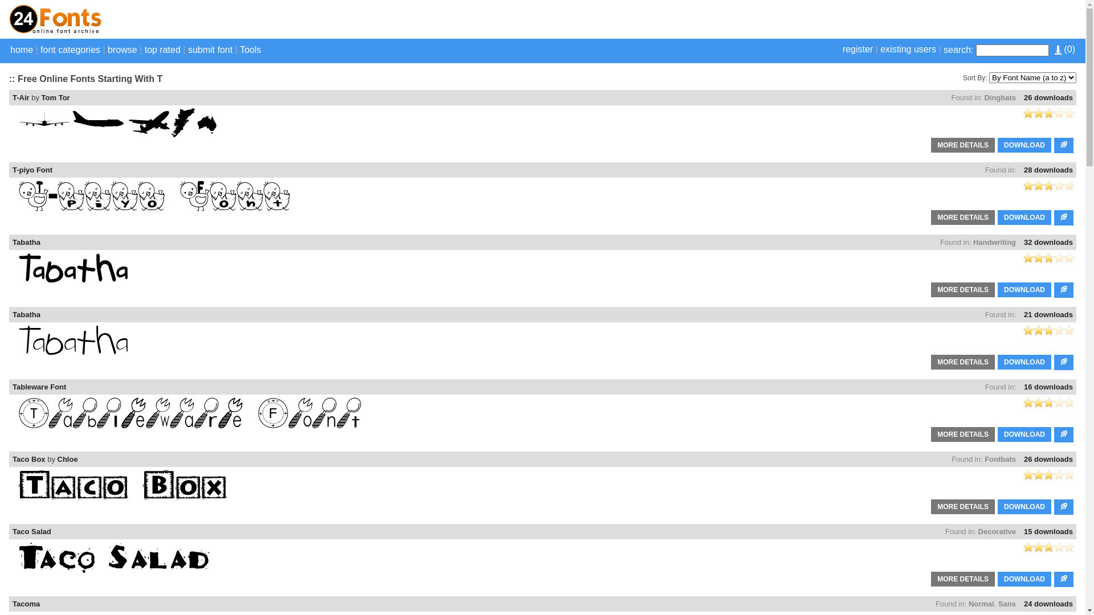 The height and width of the screenshot is (615, 1094). Describe the element at coordinates (1023, 170) in the screenshot. I see `'28 downloads'` at that location.